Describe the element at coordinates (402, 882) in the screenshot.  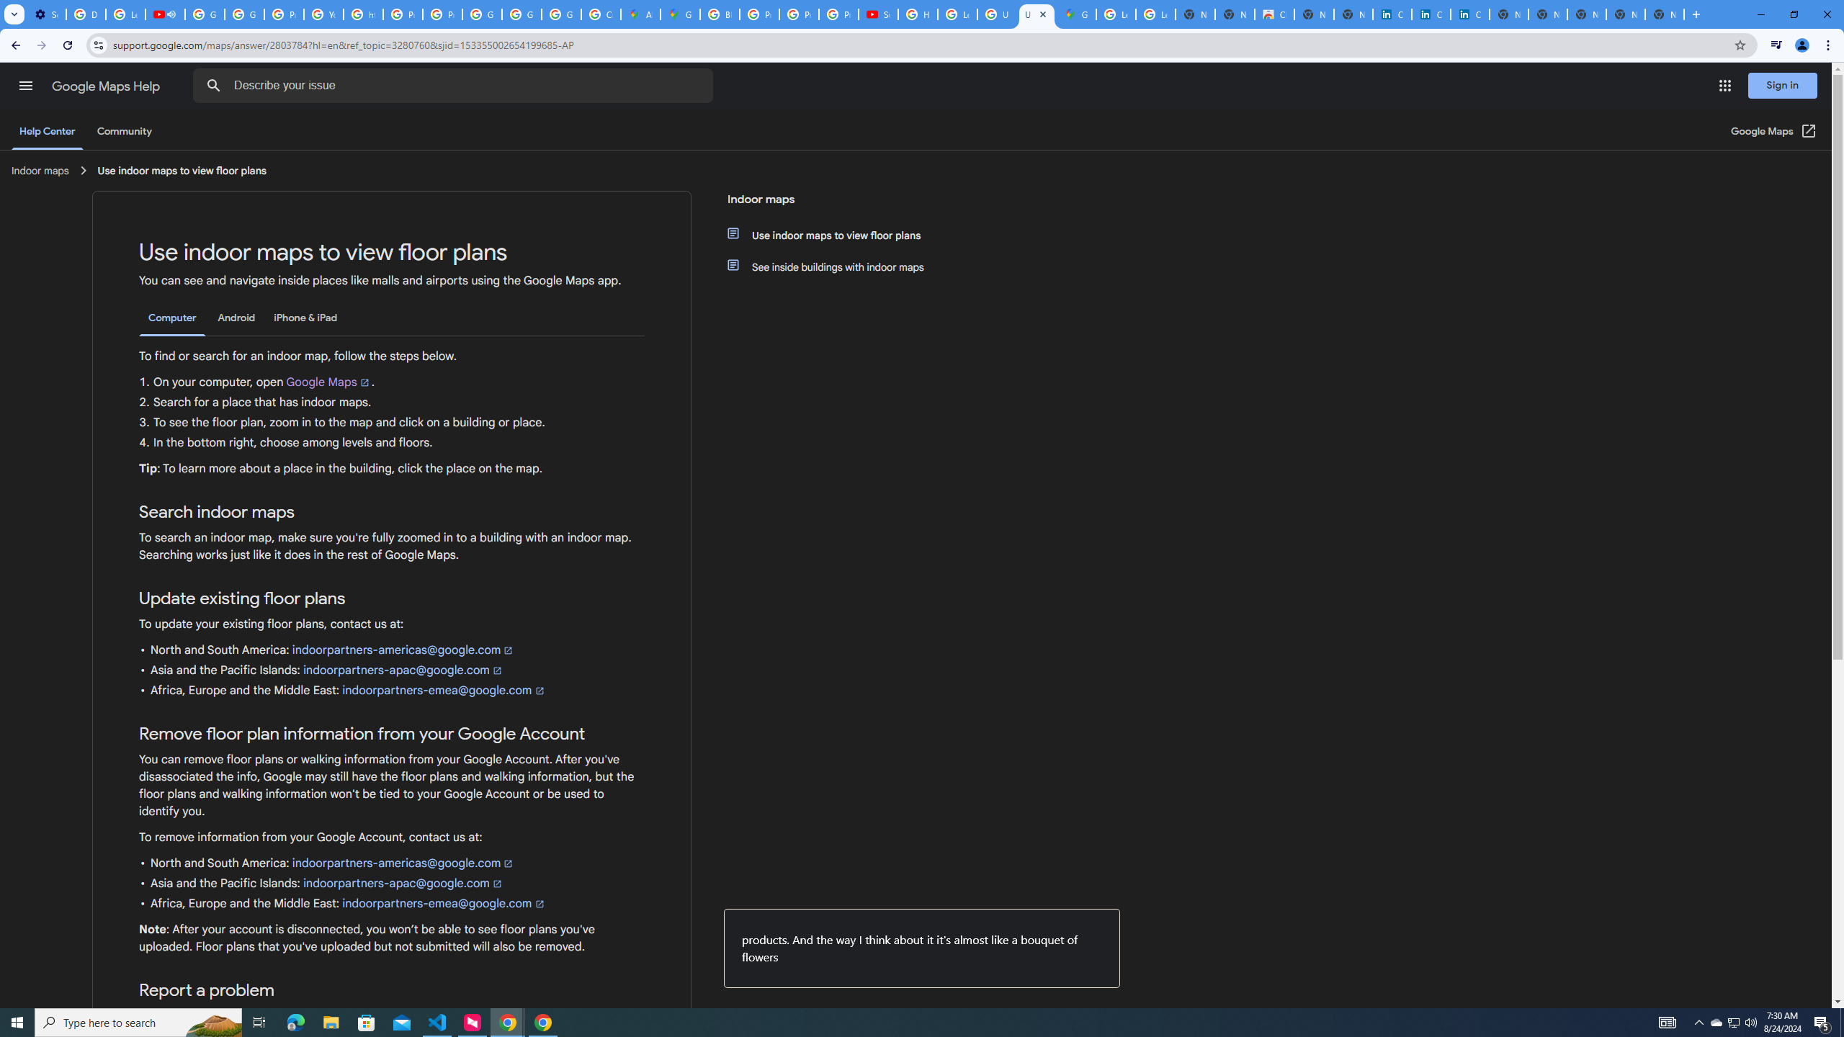
I see `'indoorpartners-apac@google.com'` at that location.